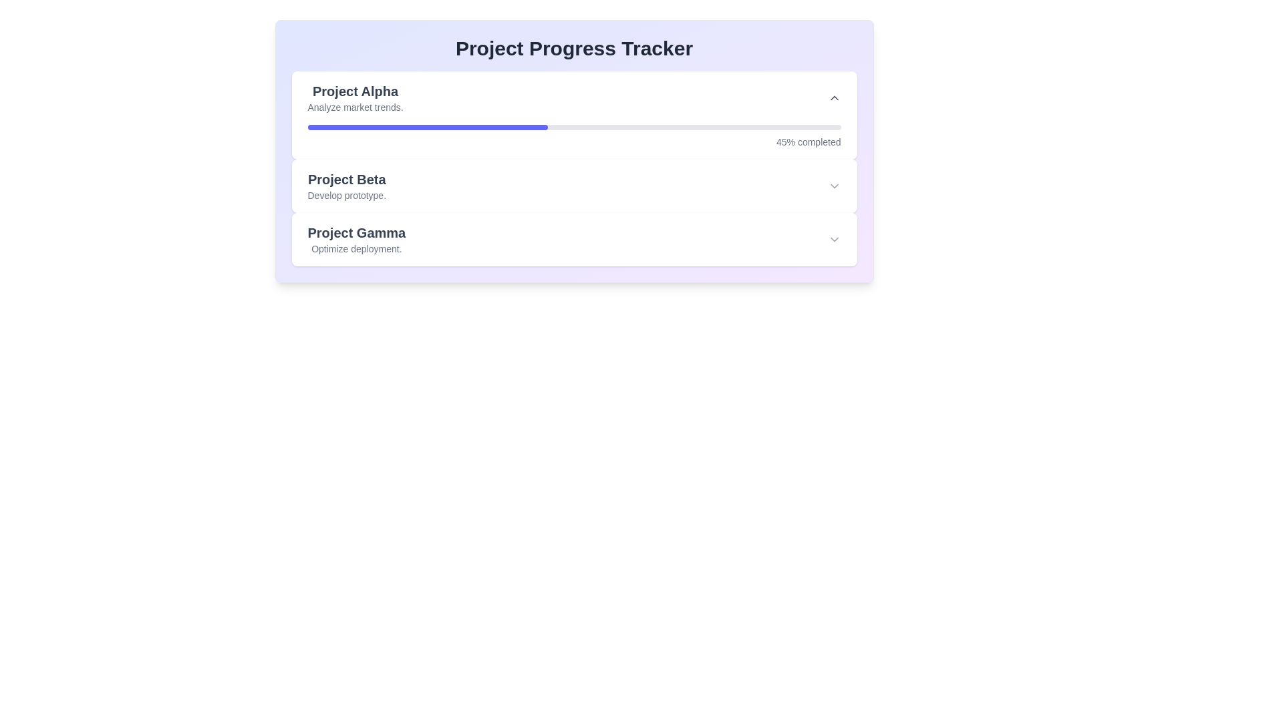  What do you see at coordinates (347, 186) in the screenshot?
I see `the label that serves as a descriptive header for the second project task in the 'Project Progress Tracker', located between 'Project Alpha' and 'Project Gamma'` at bounding box center [347, 186].